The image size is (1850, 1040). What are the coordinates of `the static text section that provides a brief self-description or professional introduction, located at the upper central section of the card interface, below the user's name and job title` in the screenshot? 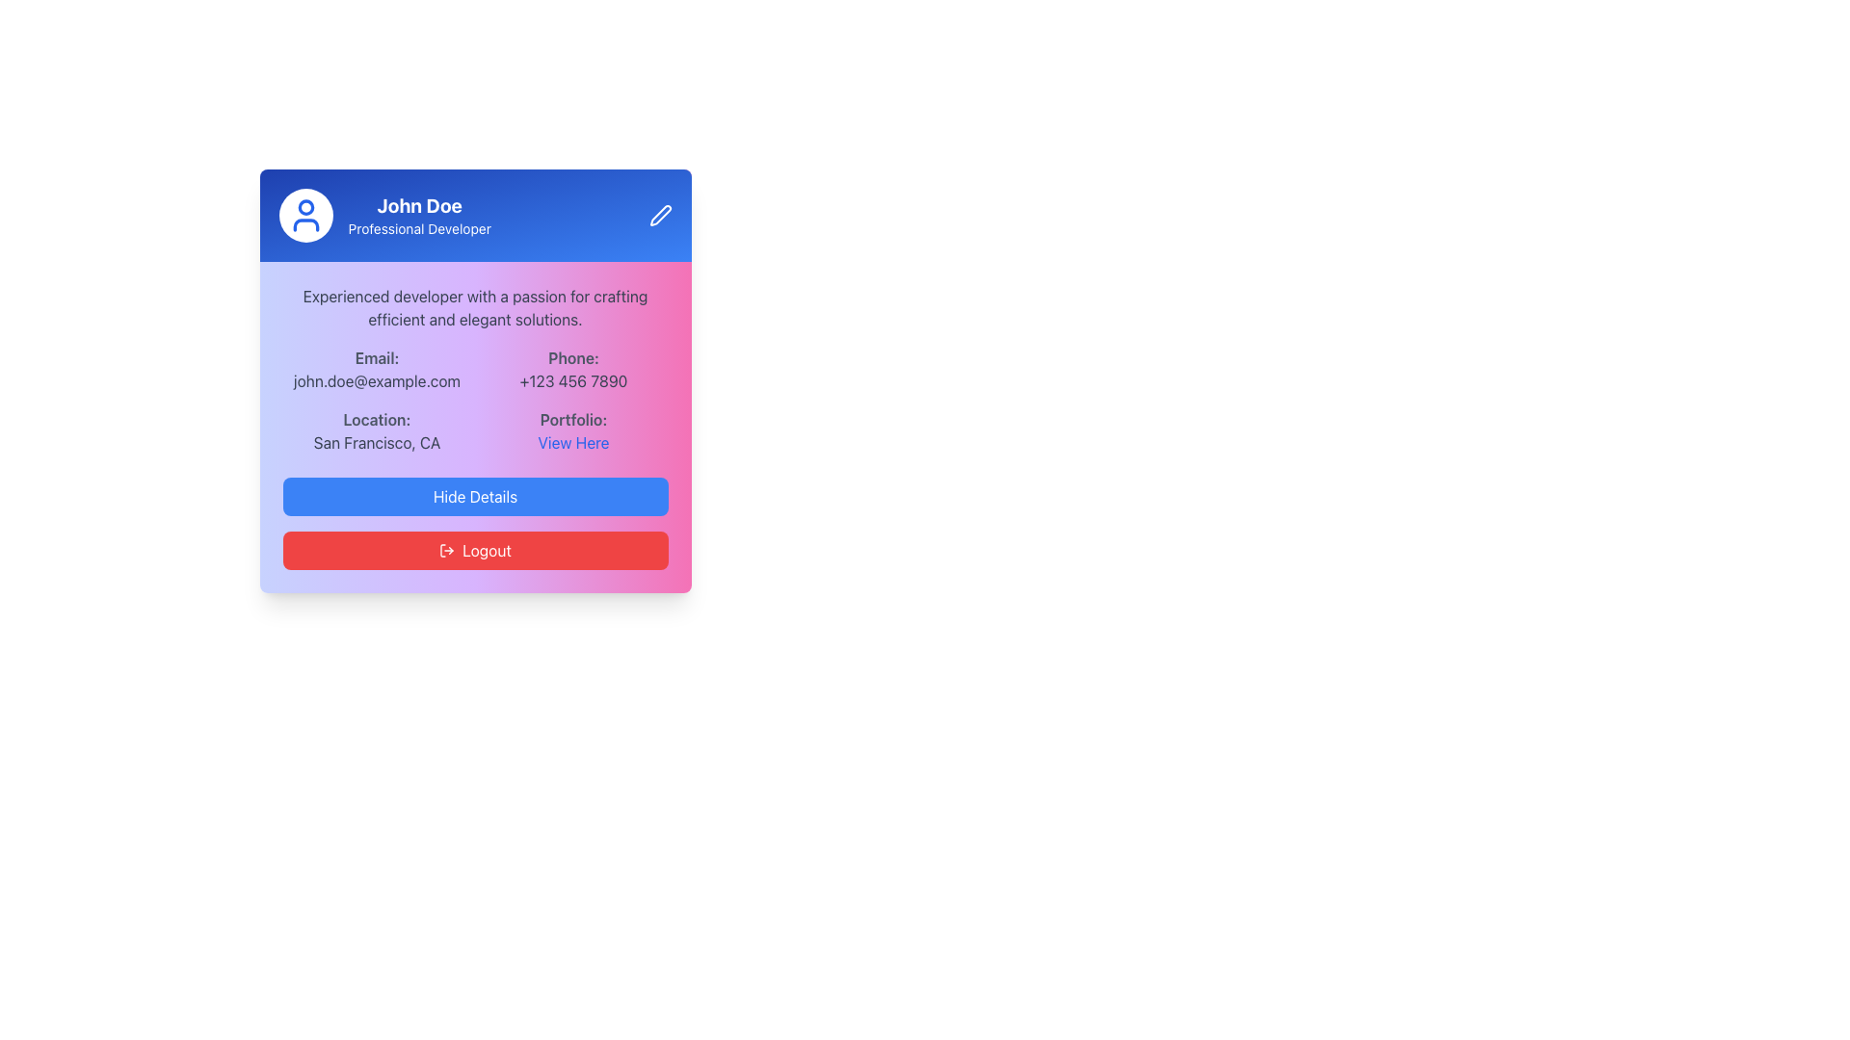 It's located at (475, 307).